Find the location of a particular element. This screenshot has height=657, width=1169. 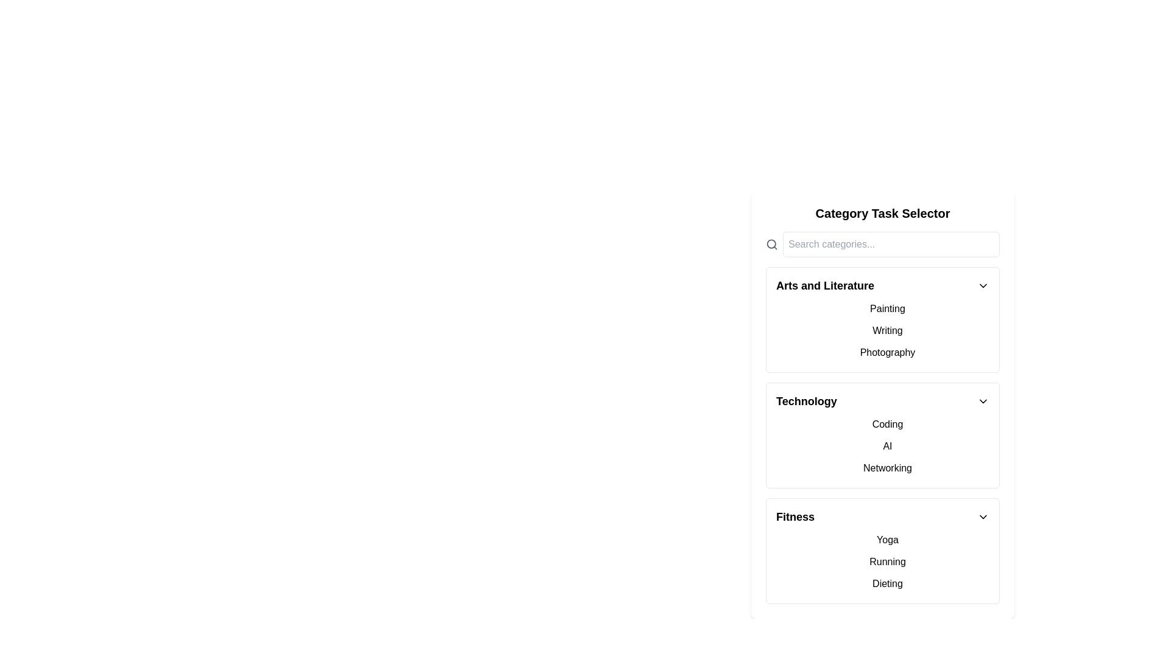

the 'Yoga' text link is located at coordinates (888, 539).